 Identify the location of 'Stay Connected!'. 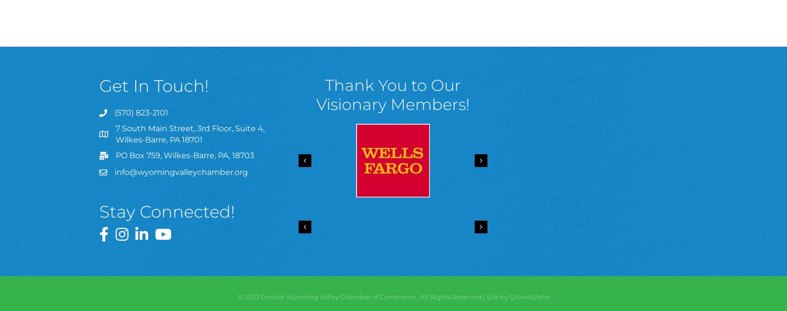
(167, 212).